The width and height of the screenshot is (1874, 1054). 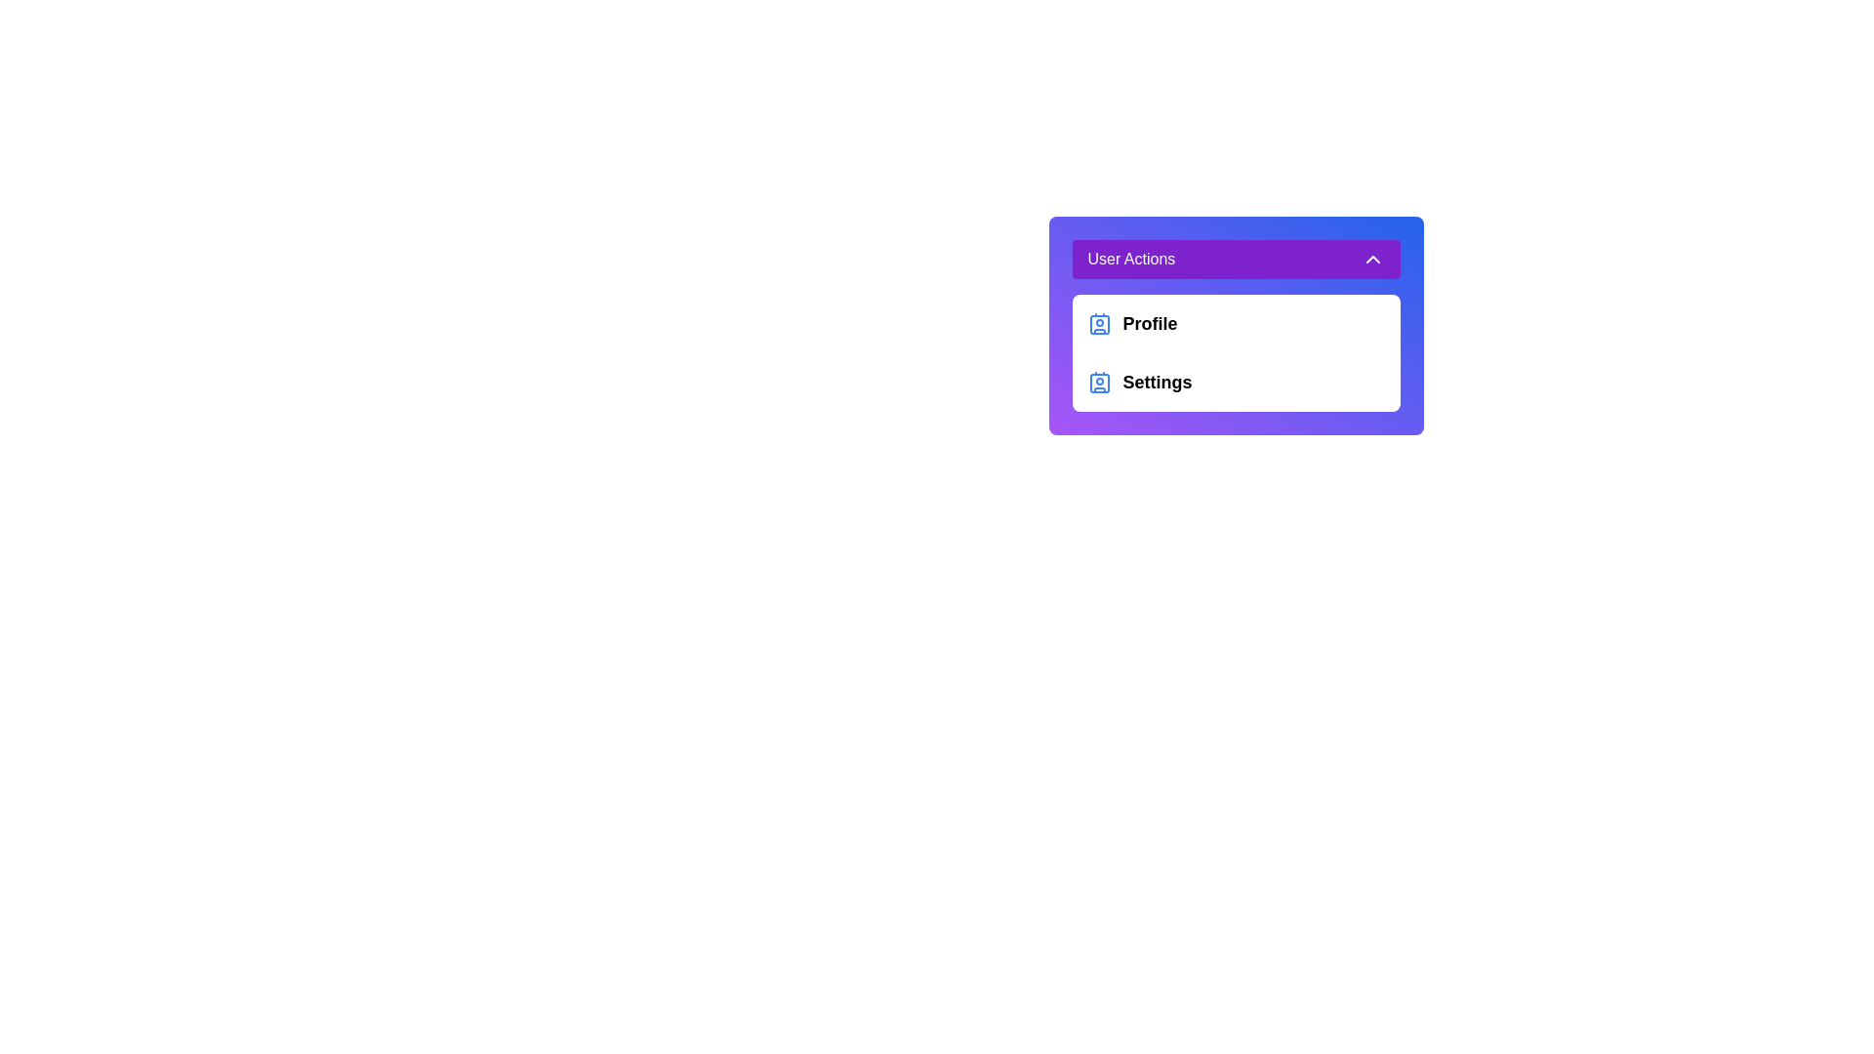 I want to click on the static text label that serves as a header for the user's profile section, located in the dropdown section labeled 'User Actions', positioned next to a blue profile icon, so click(x=1150, y=322).